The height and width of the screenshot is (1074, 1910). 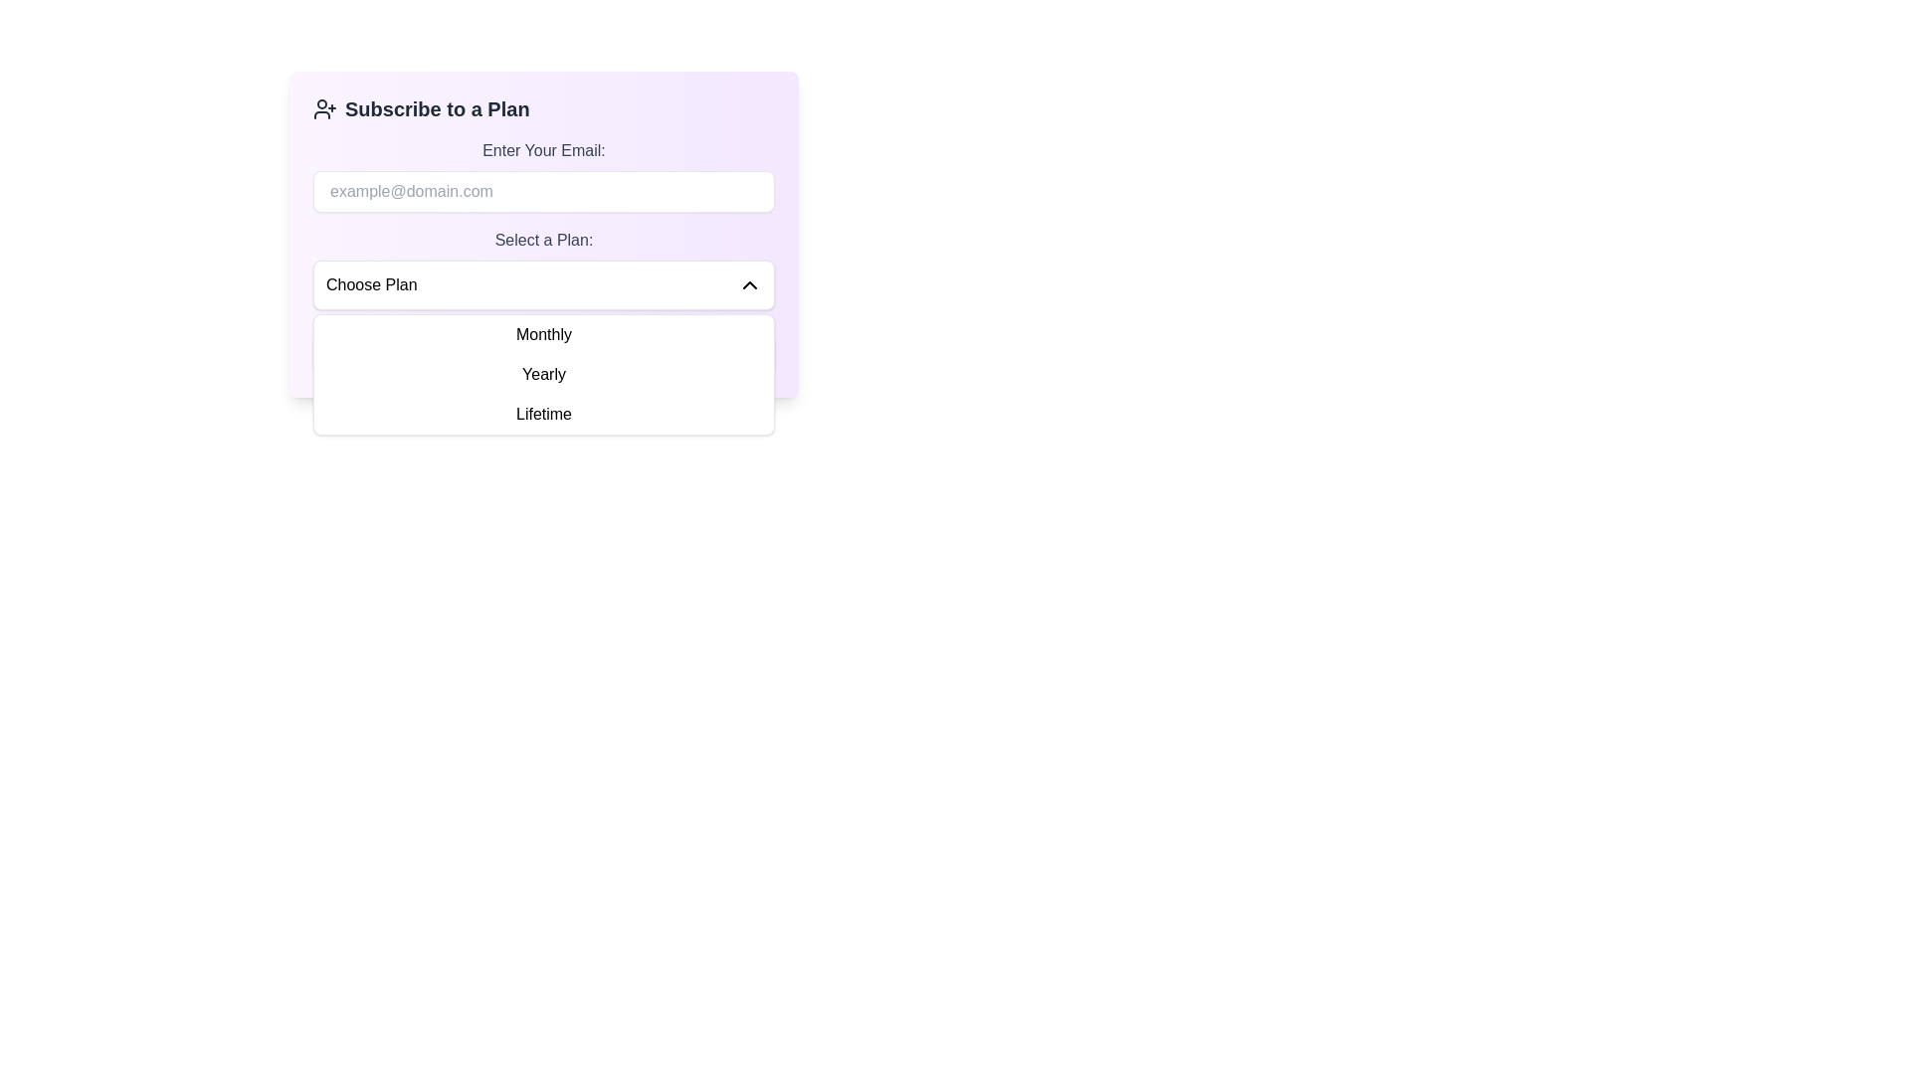 I want to click on the 'Yearly' option in the dropdown menu, which is the second item in a vertical list of three options ('Monthly', 'Yearly', 'Lifetime'), so click(x=544, y=375).